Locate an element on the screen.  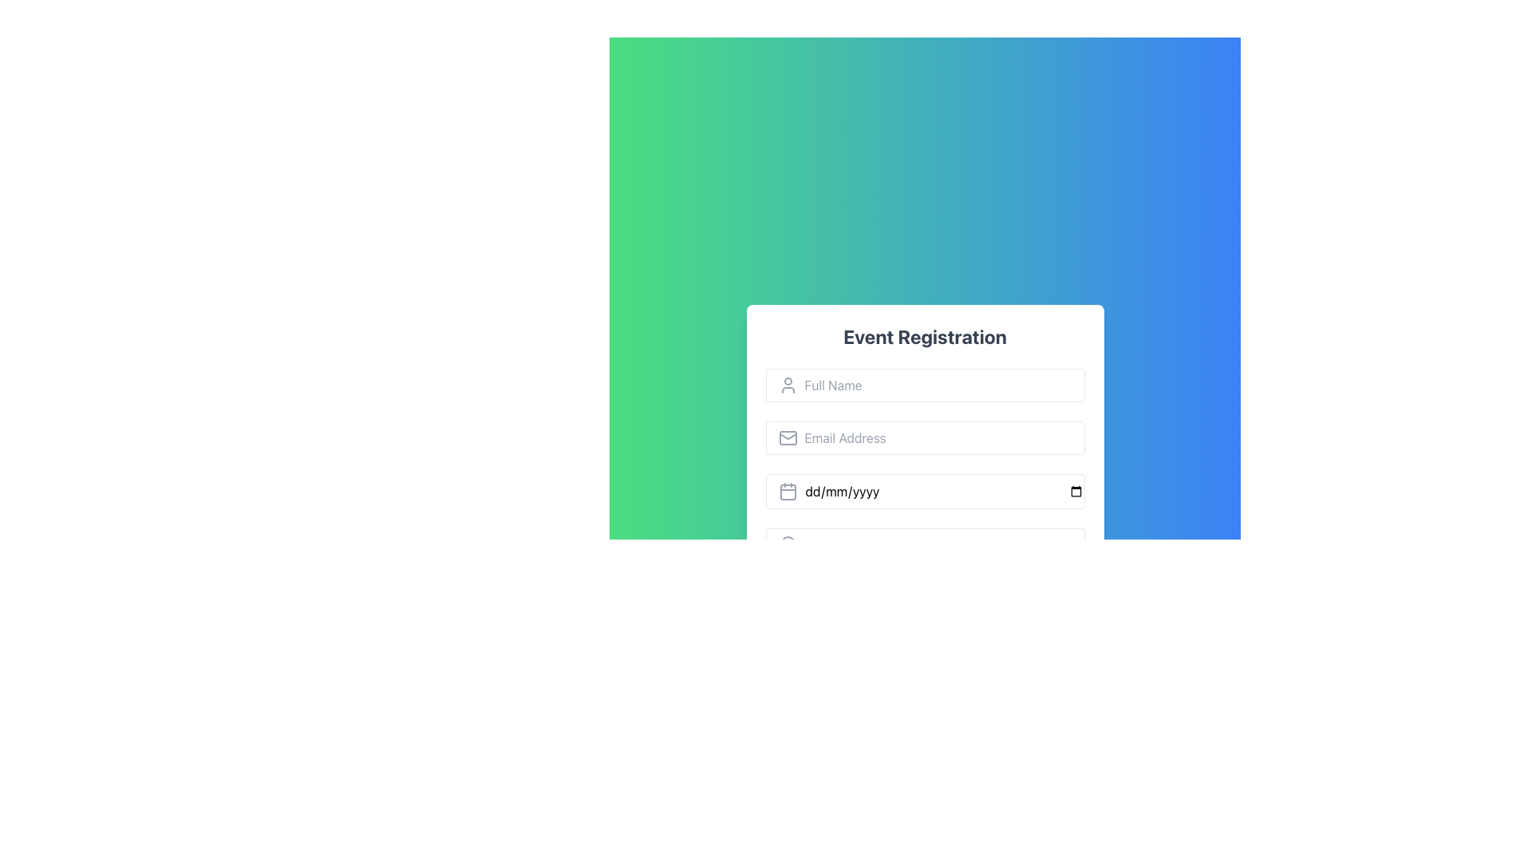
the user silhouette icon located to the left of the 'Full Name' input field in the form is located at coordinates (788, 385).